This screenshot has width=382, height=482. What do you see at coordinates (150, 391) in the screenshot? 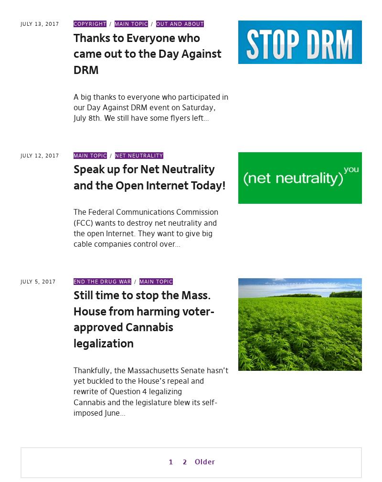
I see `'Thankfully, the Massachusetts Senate hasn’t yet buckled to the House’s repeal and rewrite of Question 4 legalizing Cannabis and the legislature blew its self-imposed June…'` at bounding box center [150, 391].